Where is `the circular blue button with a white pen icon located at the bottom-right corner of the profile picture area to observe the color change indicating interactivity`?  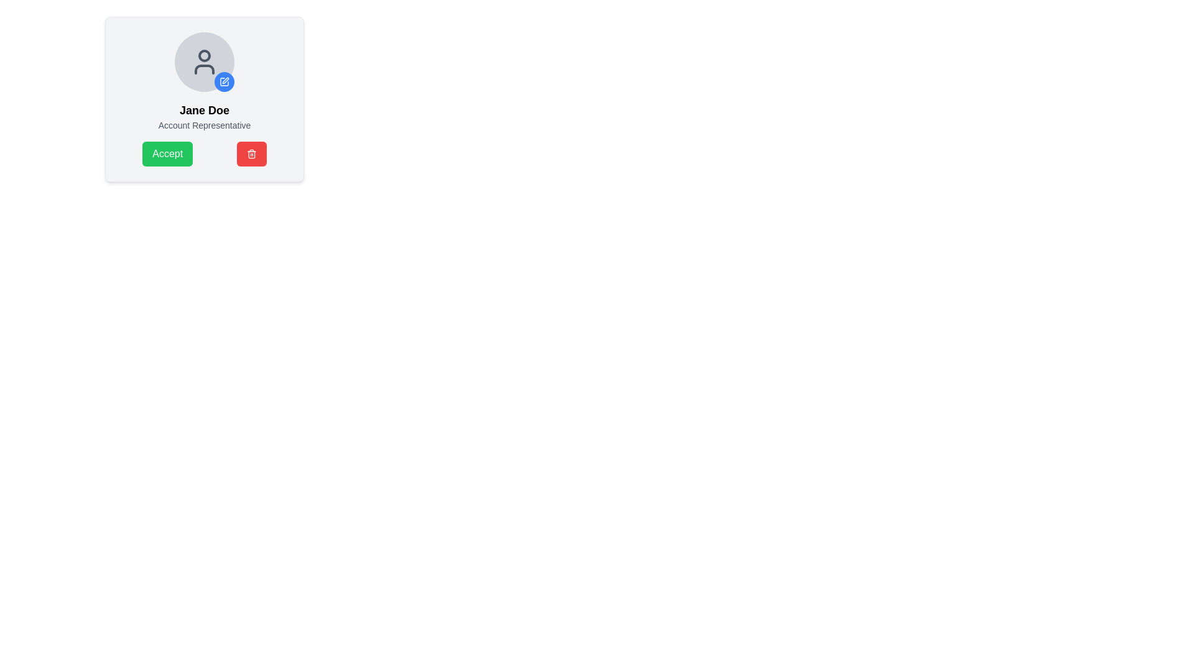
the circular blue button with a white pen icon located at the bottom-right corner of the profile picture area to observe the color change indicating interactivity is located at coordinates (224, 81).